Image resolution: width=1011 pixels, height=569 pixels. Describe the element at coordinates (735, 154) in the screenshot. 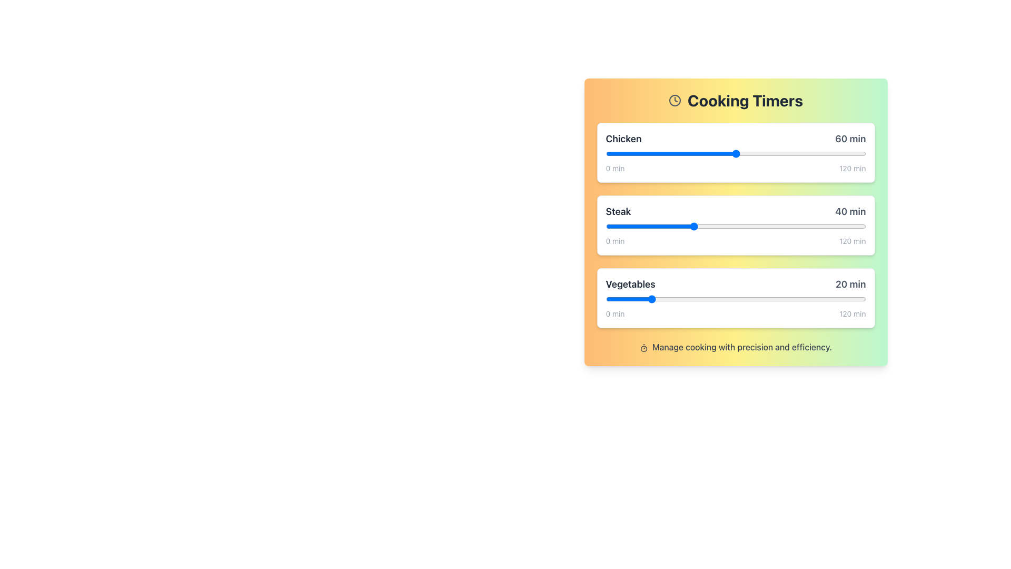

I see `the cooking timer for the chicken` at that location.